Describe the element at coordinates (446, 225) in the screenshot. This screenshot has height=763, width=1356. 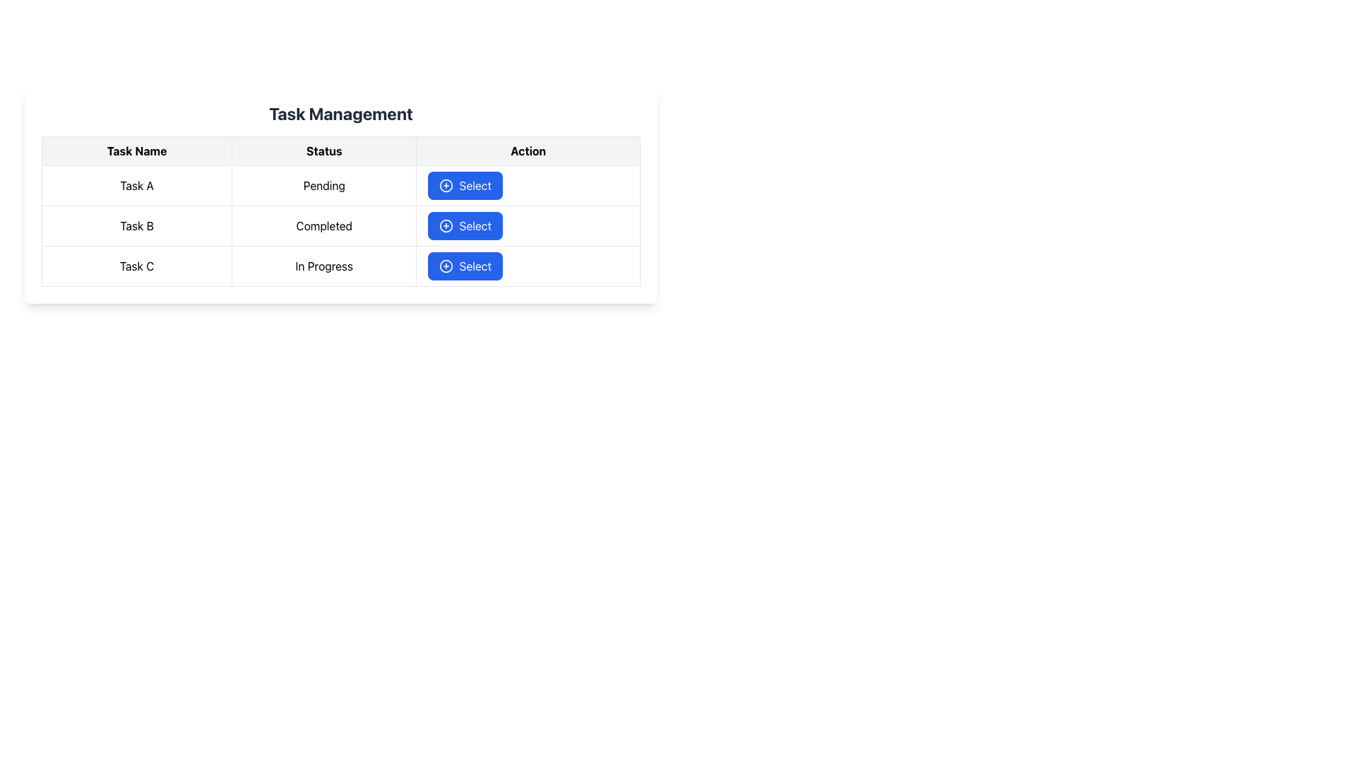
I see `the SVG Circle Icon Button in the 'Action' column of the second row of the 'Task Management' table, which represents an add or plus action` at that location.